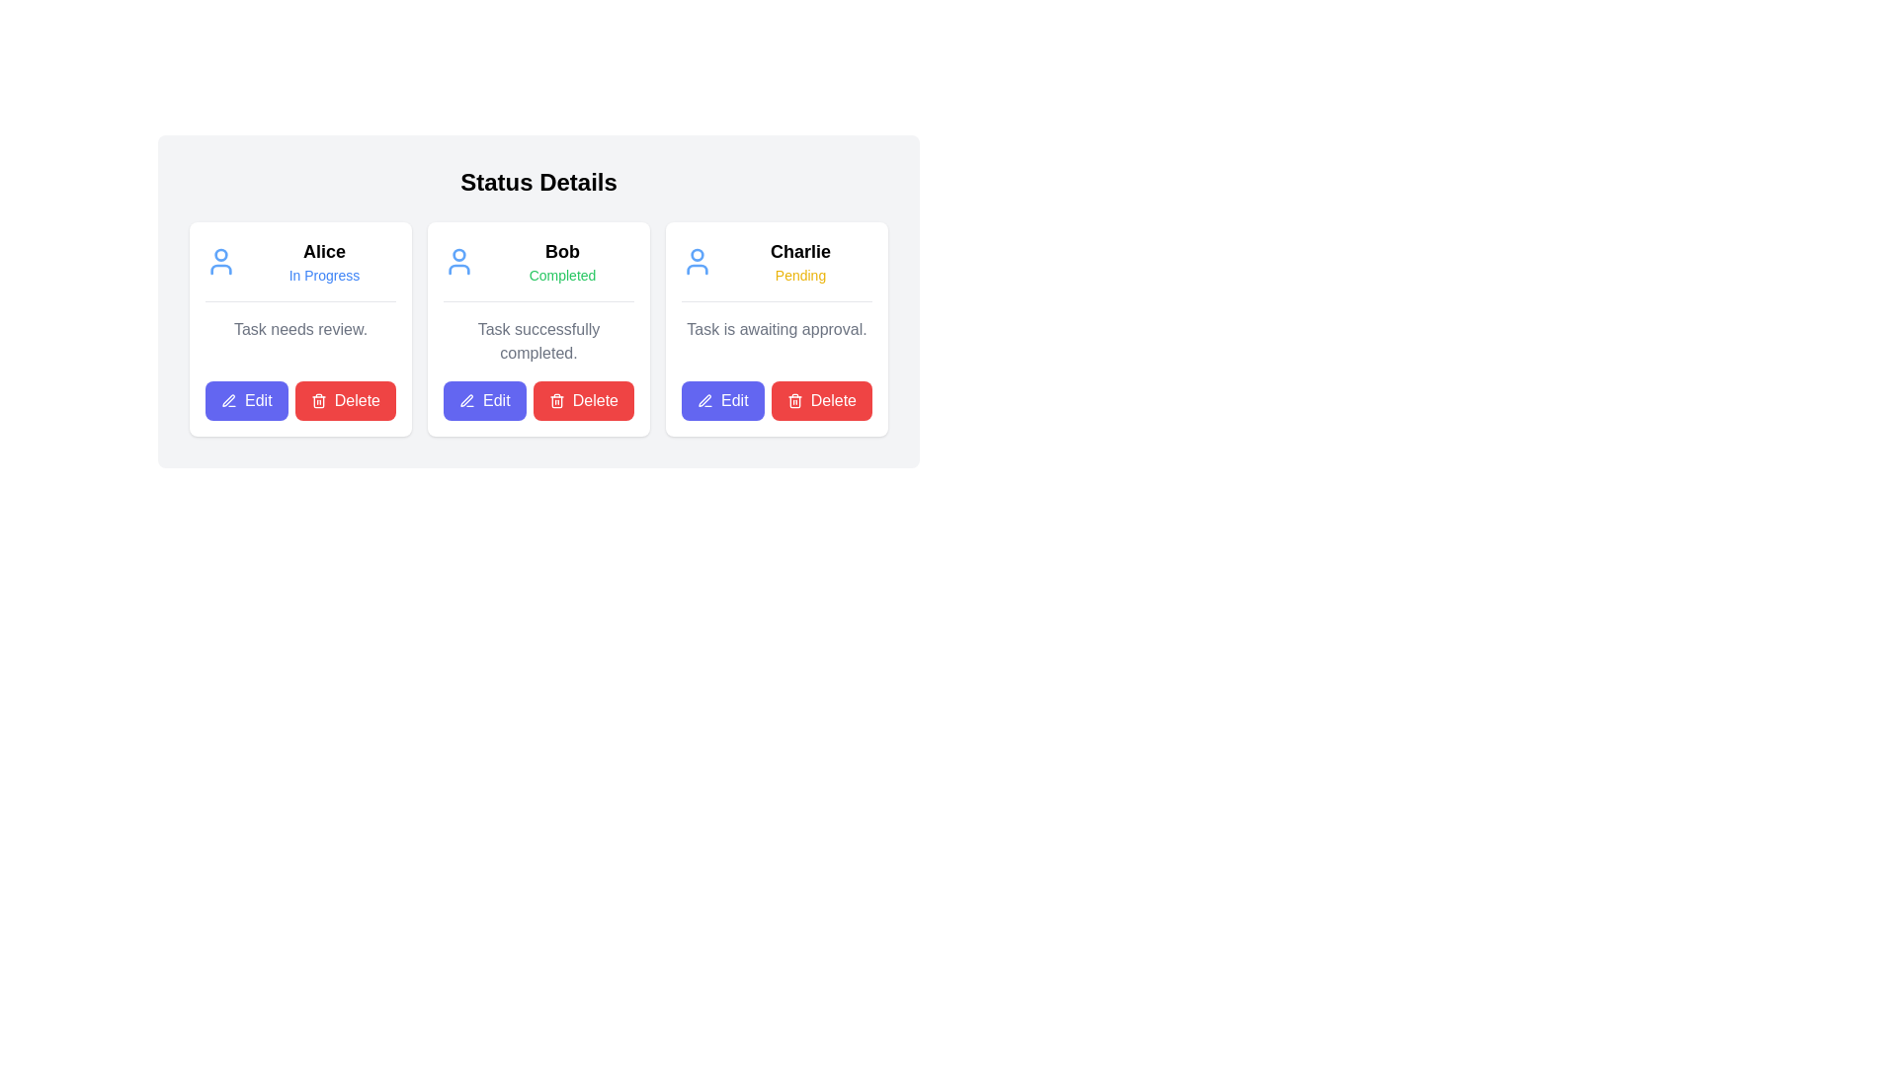 This screenshot has height=1067, width=1897. Describe the element at coordinates (299, 270) in the screenshot. I see `the informational card containing the user icon and text details for 'Alice', which shows 'In Progress'` at that location.